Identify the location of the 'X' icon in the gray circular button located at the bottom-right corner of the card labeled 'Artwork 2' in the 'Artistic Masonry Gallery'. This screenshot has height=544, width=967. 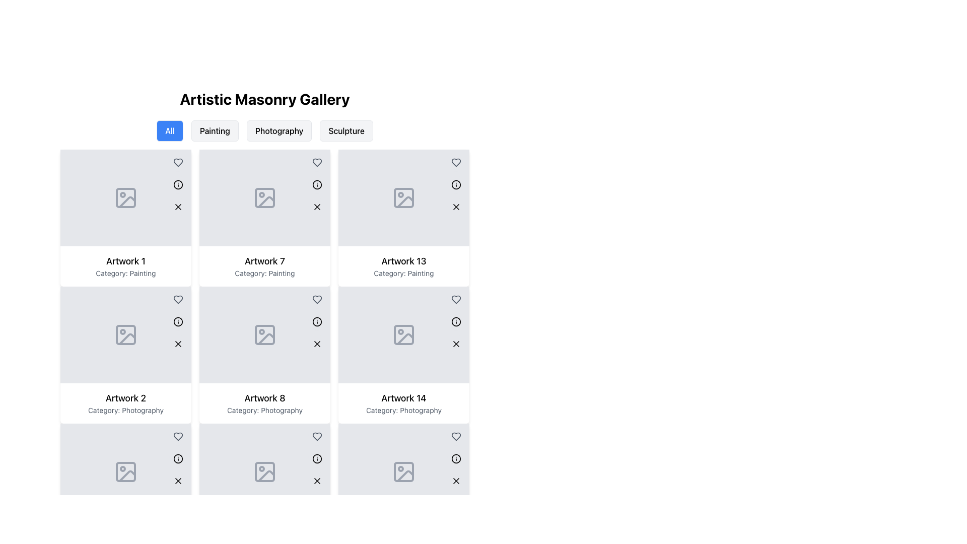
(178, 481).